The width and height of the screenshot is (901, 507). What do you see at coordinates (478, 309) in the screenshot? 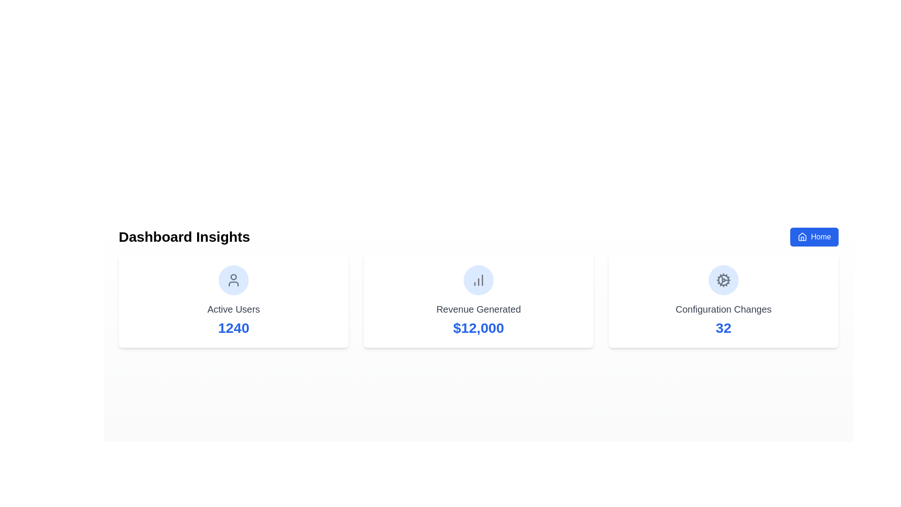
I see `the Text Label that indicates the type of information presented in the card, which represents the revenue generated` at bounding box center [478, 309].